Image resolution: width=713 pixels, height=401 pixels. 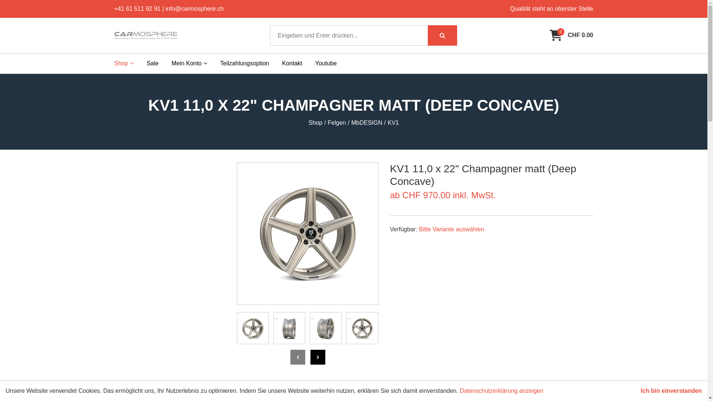 What do you see at coordinates (281, 63) in the screenshot?
I see `'Kontakt'` at bounding box center [281, 63].